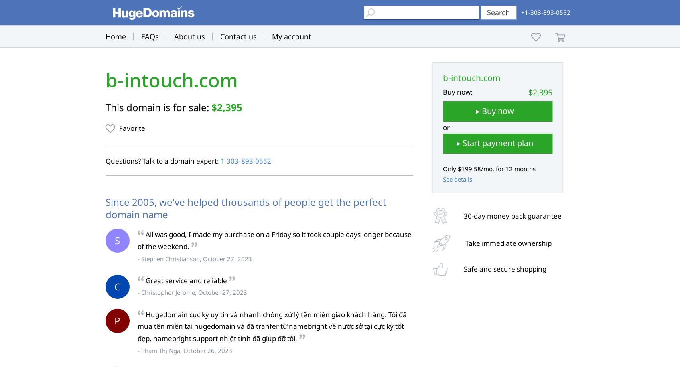 This screenshot has height=367, width=680. I want to click on '- Christopher Jerome, October 27, 2023', so click(191, 292).